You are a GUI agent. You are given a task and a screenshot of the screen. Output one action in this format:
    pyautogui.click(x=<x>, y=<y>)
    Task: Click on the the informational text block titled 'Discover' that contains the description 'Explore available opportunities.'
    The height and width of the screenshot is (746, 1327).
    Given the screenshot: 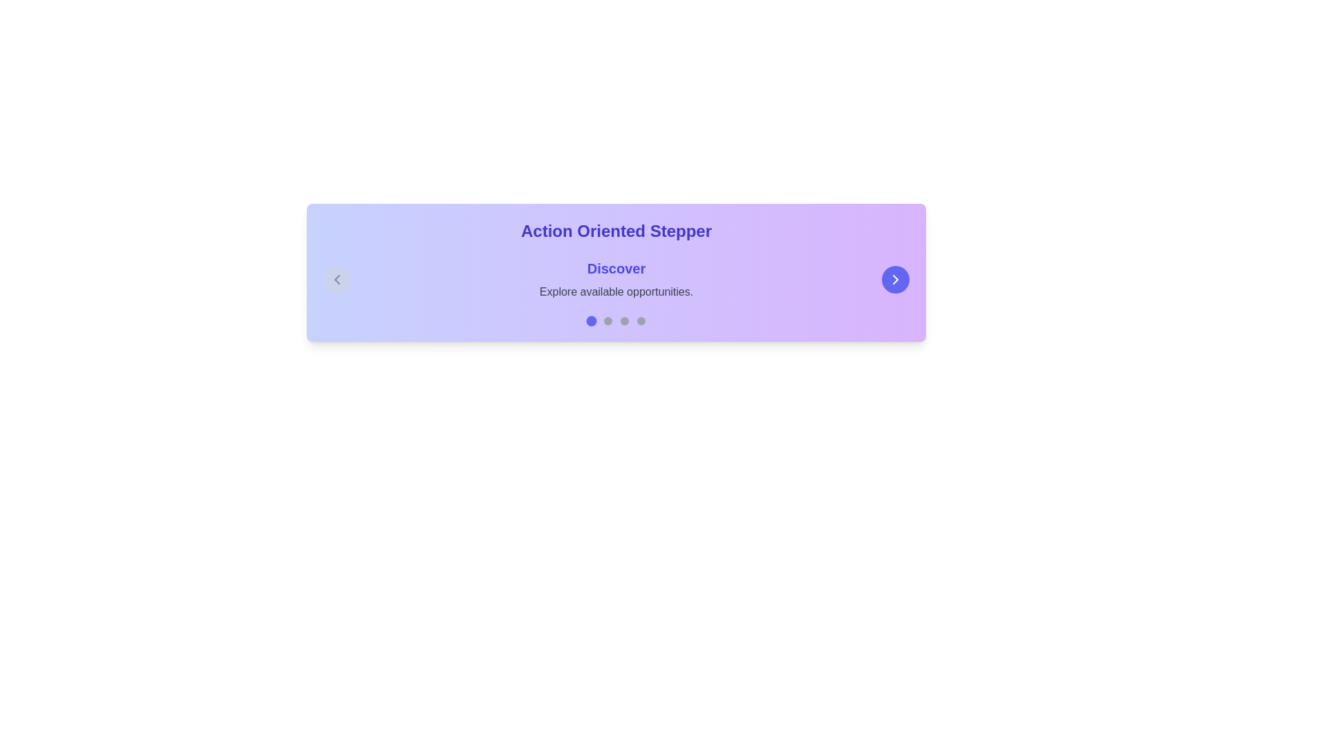 What is the action you would take?
    pyautogui.click(x=616, y=280)
    